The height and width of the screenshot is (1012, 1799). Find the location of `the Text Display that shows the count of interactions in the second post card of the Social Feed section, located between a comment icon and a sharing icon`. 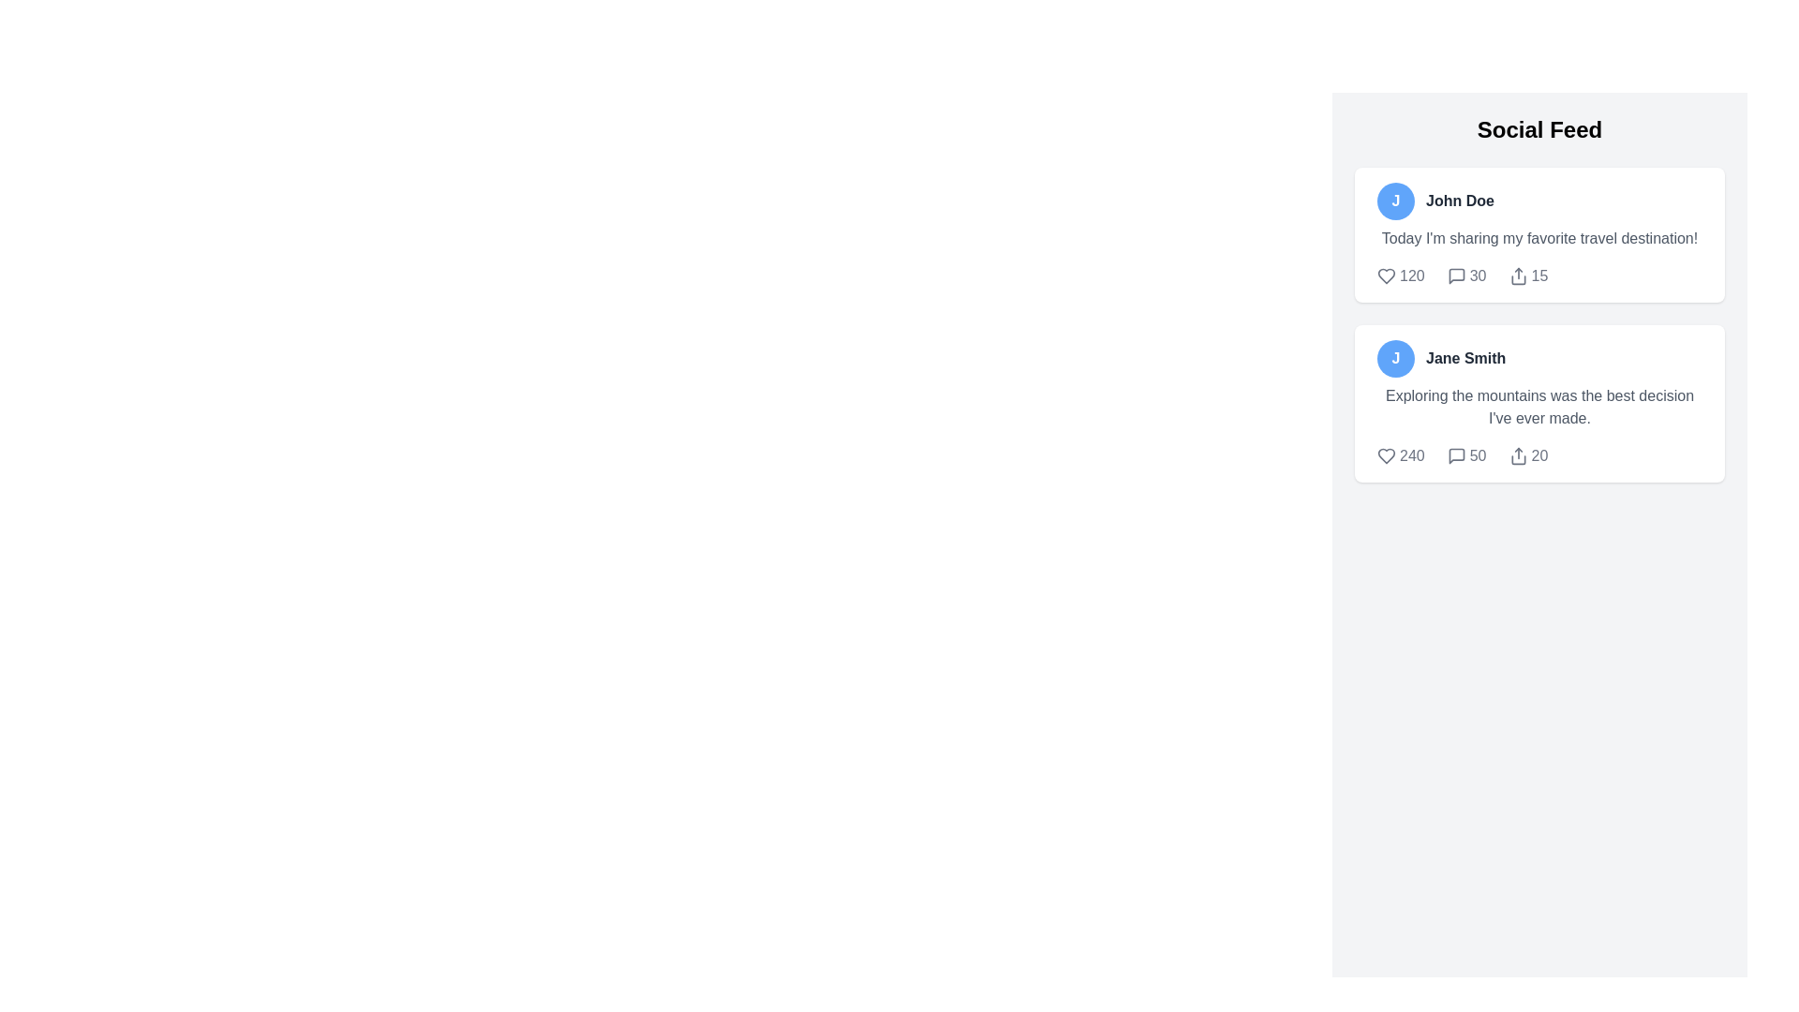

the Text Display that shows the count of interactions in the second post card of the Social Feed section, located between a comment icon and a sharing icon is located at coordinates (1477, 455).